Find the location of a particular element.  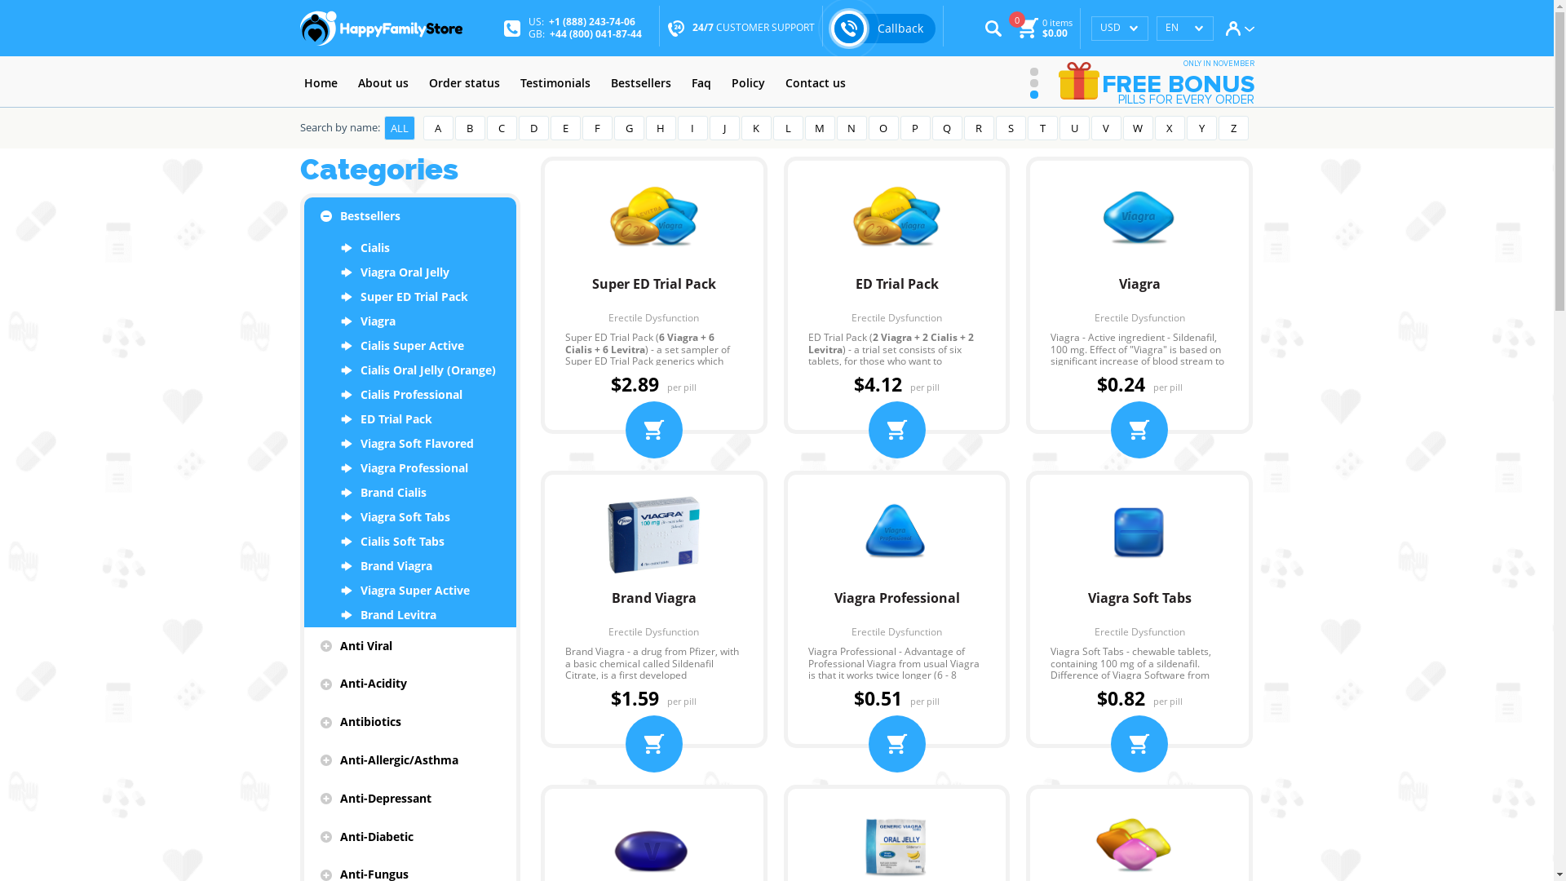

'Z' is located at coordinates (1233, 127).